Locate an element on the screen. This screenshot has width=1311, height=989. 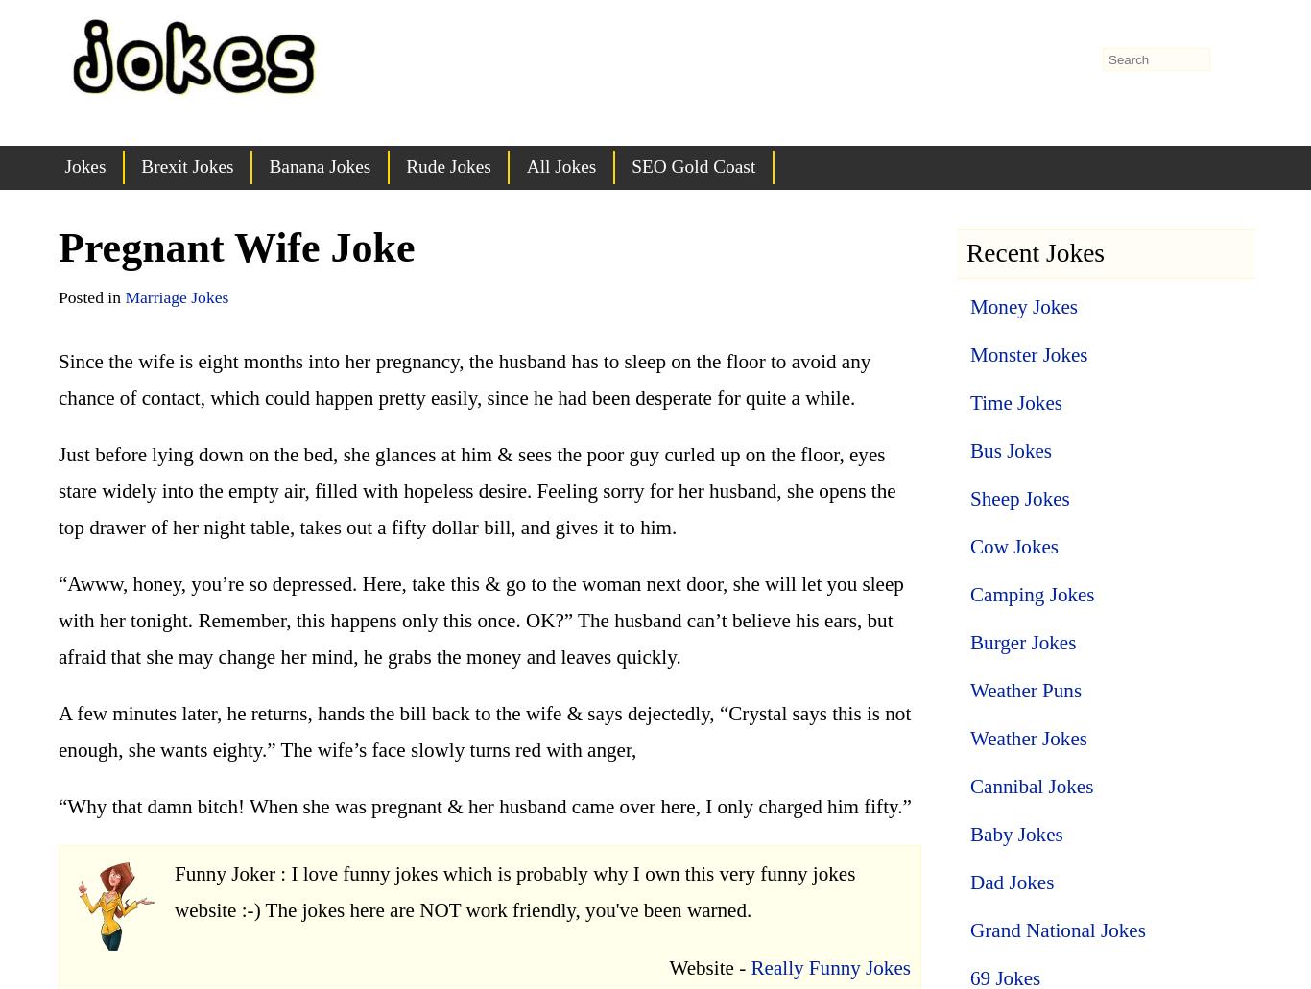
'“Why that damn bitch! When she was pregnant & her husband came over here, I only charged him fifty.”' is located at coordinates (485, 806).